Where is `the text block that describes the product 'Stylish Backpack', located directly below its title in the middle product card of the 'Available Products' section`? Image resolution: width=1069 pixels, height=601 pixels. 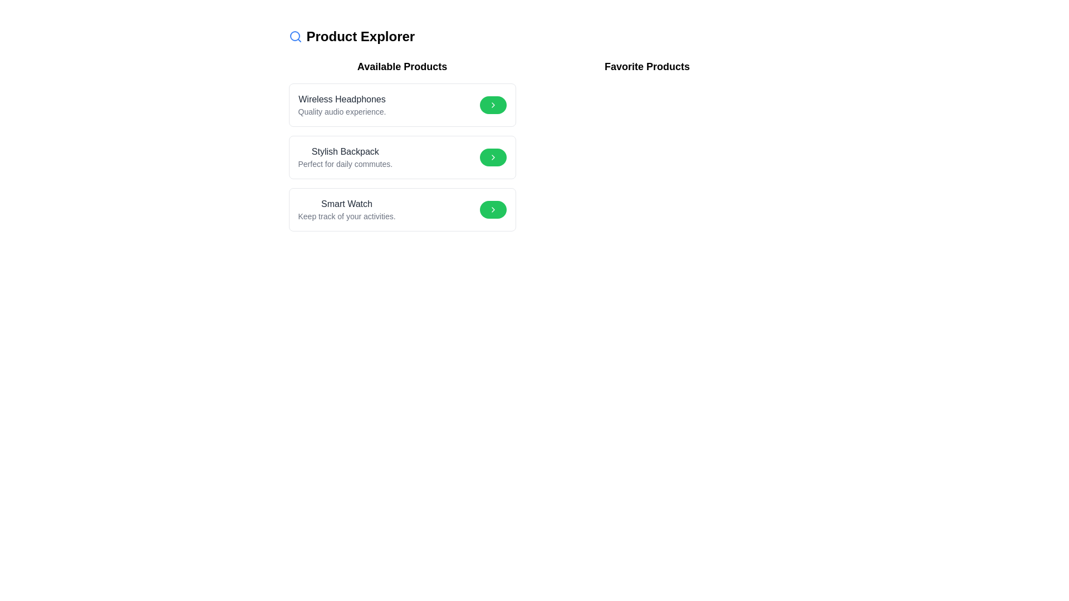
the text block that describes the product 'Stylish Backpack', located directly below its title in the middle product card of the 'Available Products' section is located at coordinates (345, 164).